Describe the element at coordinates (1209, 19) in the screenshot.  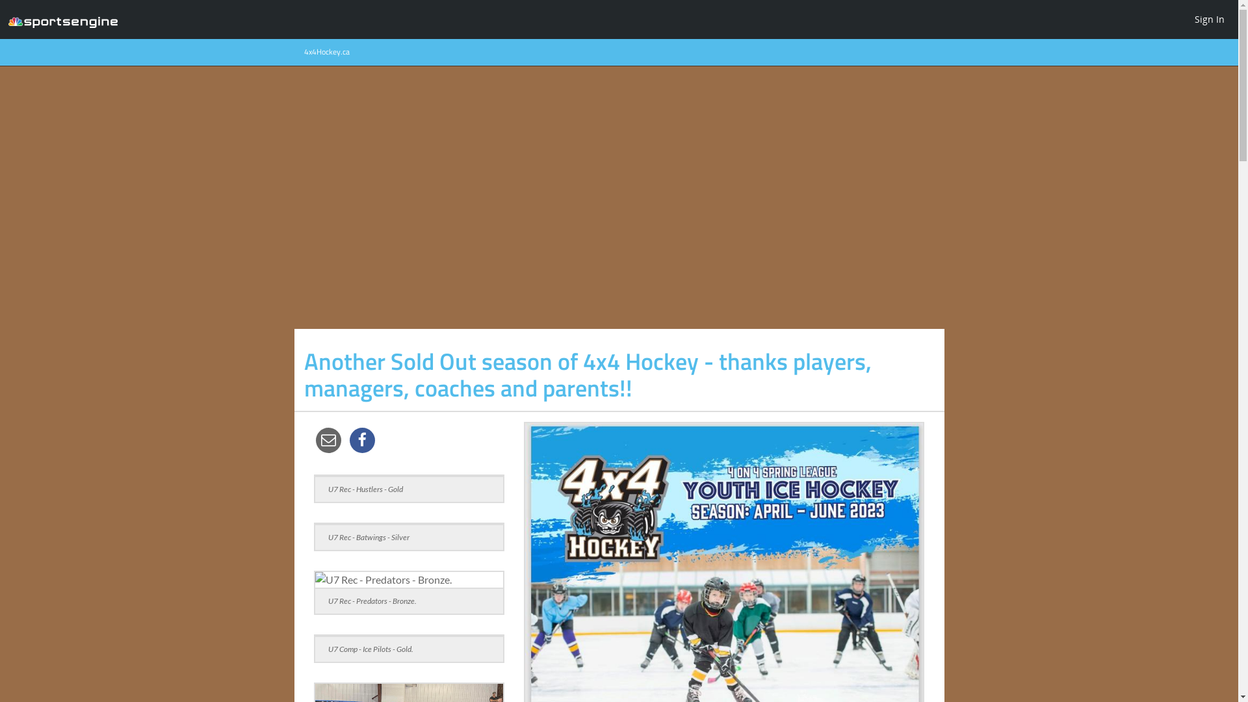
I see `'Sign In'` at that location.